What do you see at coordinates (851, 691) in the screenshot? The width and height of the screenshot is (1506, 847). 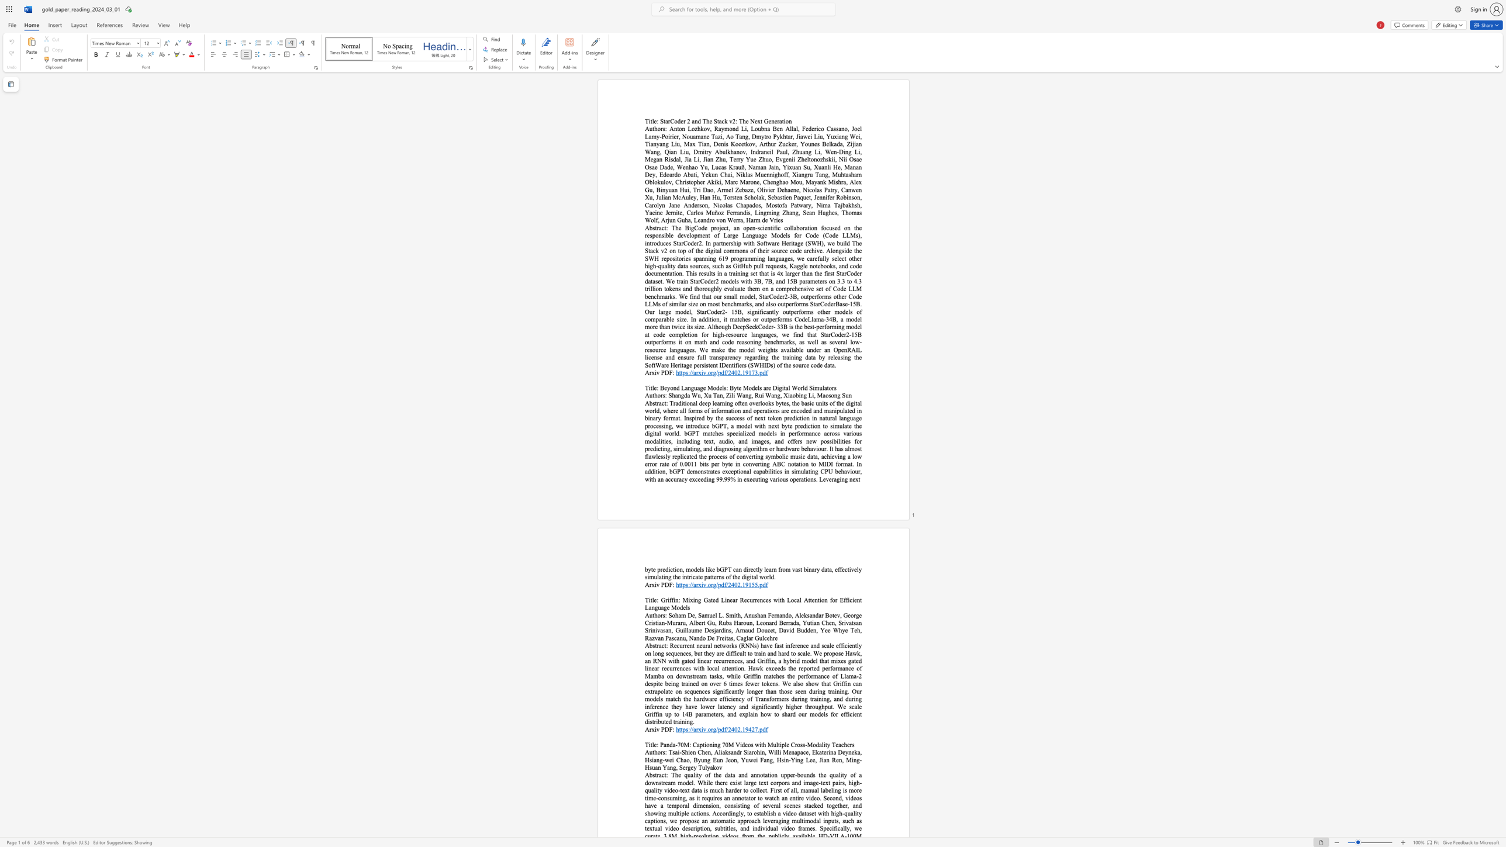 I see `the subset text "Our models match the hardware efficiency of Transformers during training, and during inference they have lower latency and significantly higher throug" within the text "Recurrent neural networks (RNNs) have fast inference and scale efficiently on long sequences, but they are difficult to train and hard to scale. We propose Hawk, an RNN with gated linear recurrences, and Griffin, a hybrid model that mixes gated linear recurrences with local attention. Hawk exceeds the reported performance of Mamba on downstream tasks, while Griffin matches the performance of Llama-2 despite being trained on over 6 times fewer tokens. We also show that Griffin can extrapolate on sequences significantly longer than those seen during training. Our models match the hardware efficiency of Transformers during training, and during inference they have lower latency and significantly higher throughput. We scale Griffin up to 14B parameters, and explain how to shard our models for efficient distributed training."` at bounding box center [851, 691].